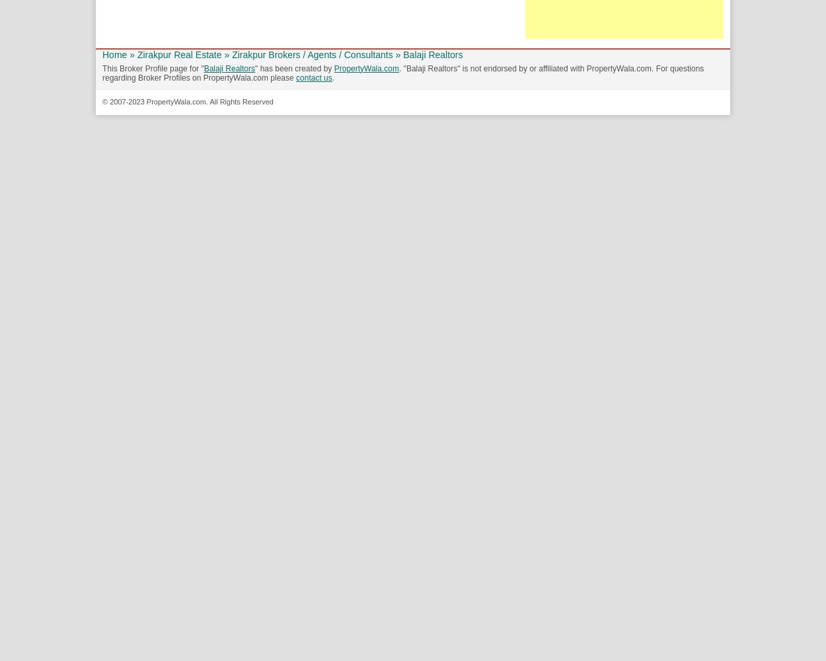 The width and height of the screenshot is (826, 661). I want to click on '.', so click(333, 77).